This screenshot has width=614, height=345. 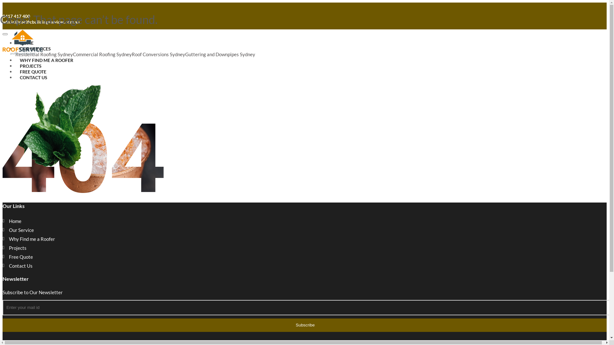 I want to click on 'FREE QUOTE', so click(x=33, y=72).